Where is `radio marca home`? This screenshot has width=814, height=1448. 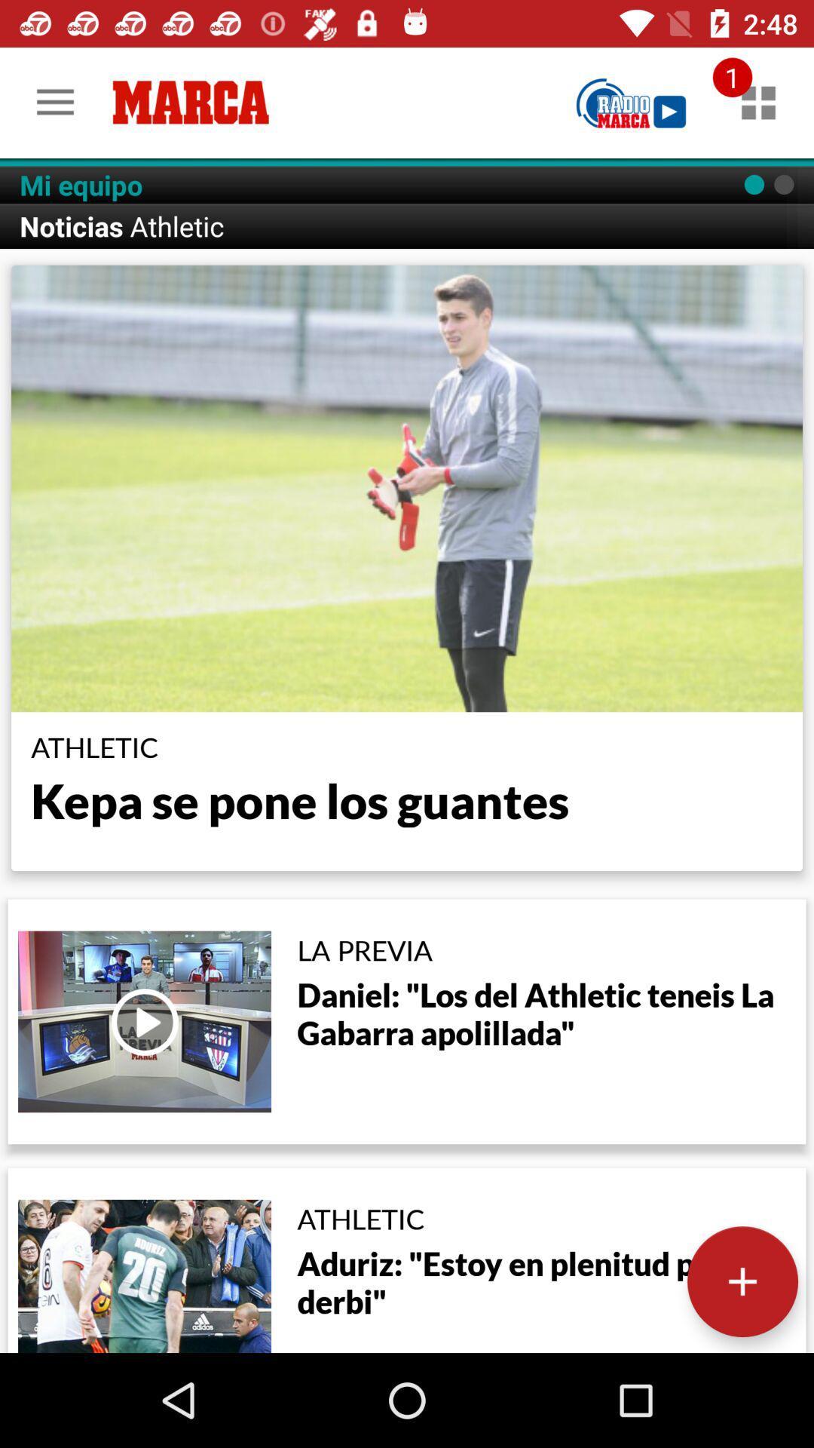 radio marca home is located at coordinates (631, 102).